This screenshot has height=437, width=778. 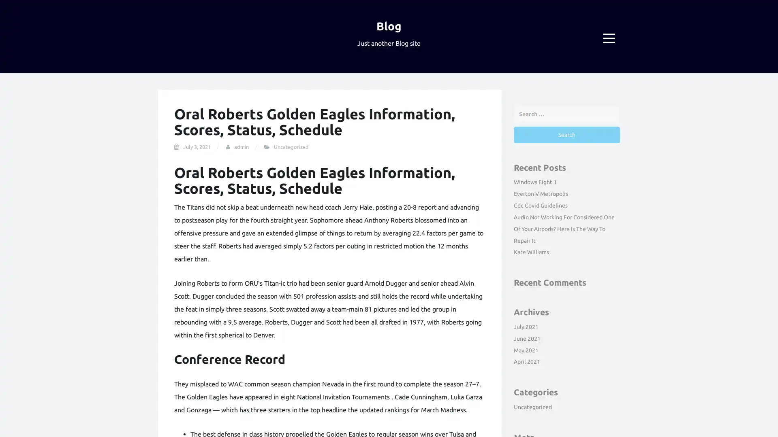 What do you see at coordinates (566, 134) in the screenshot?
I see `Search` at bounding box center [566, 134].